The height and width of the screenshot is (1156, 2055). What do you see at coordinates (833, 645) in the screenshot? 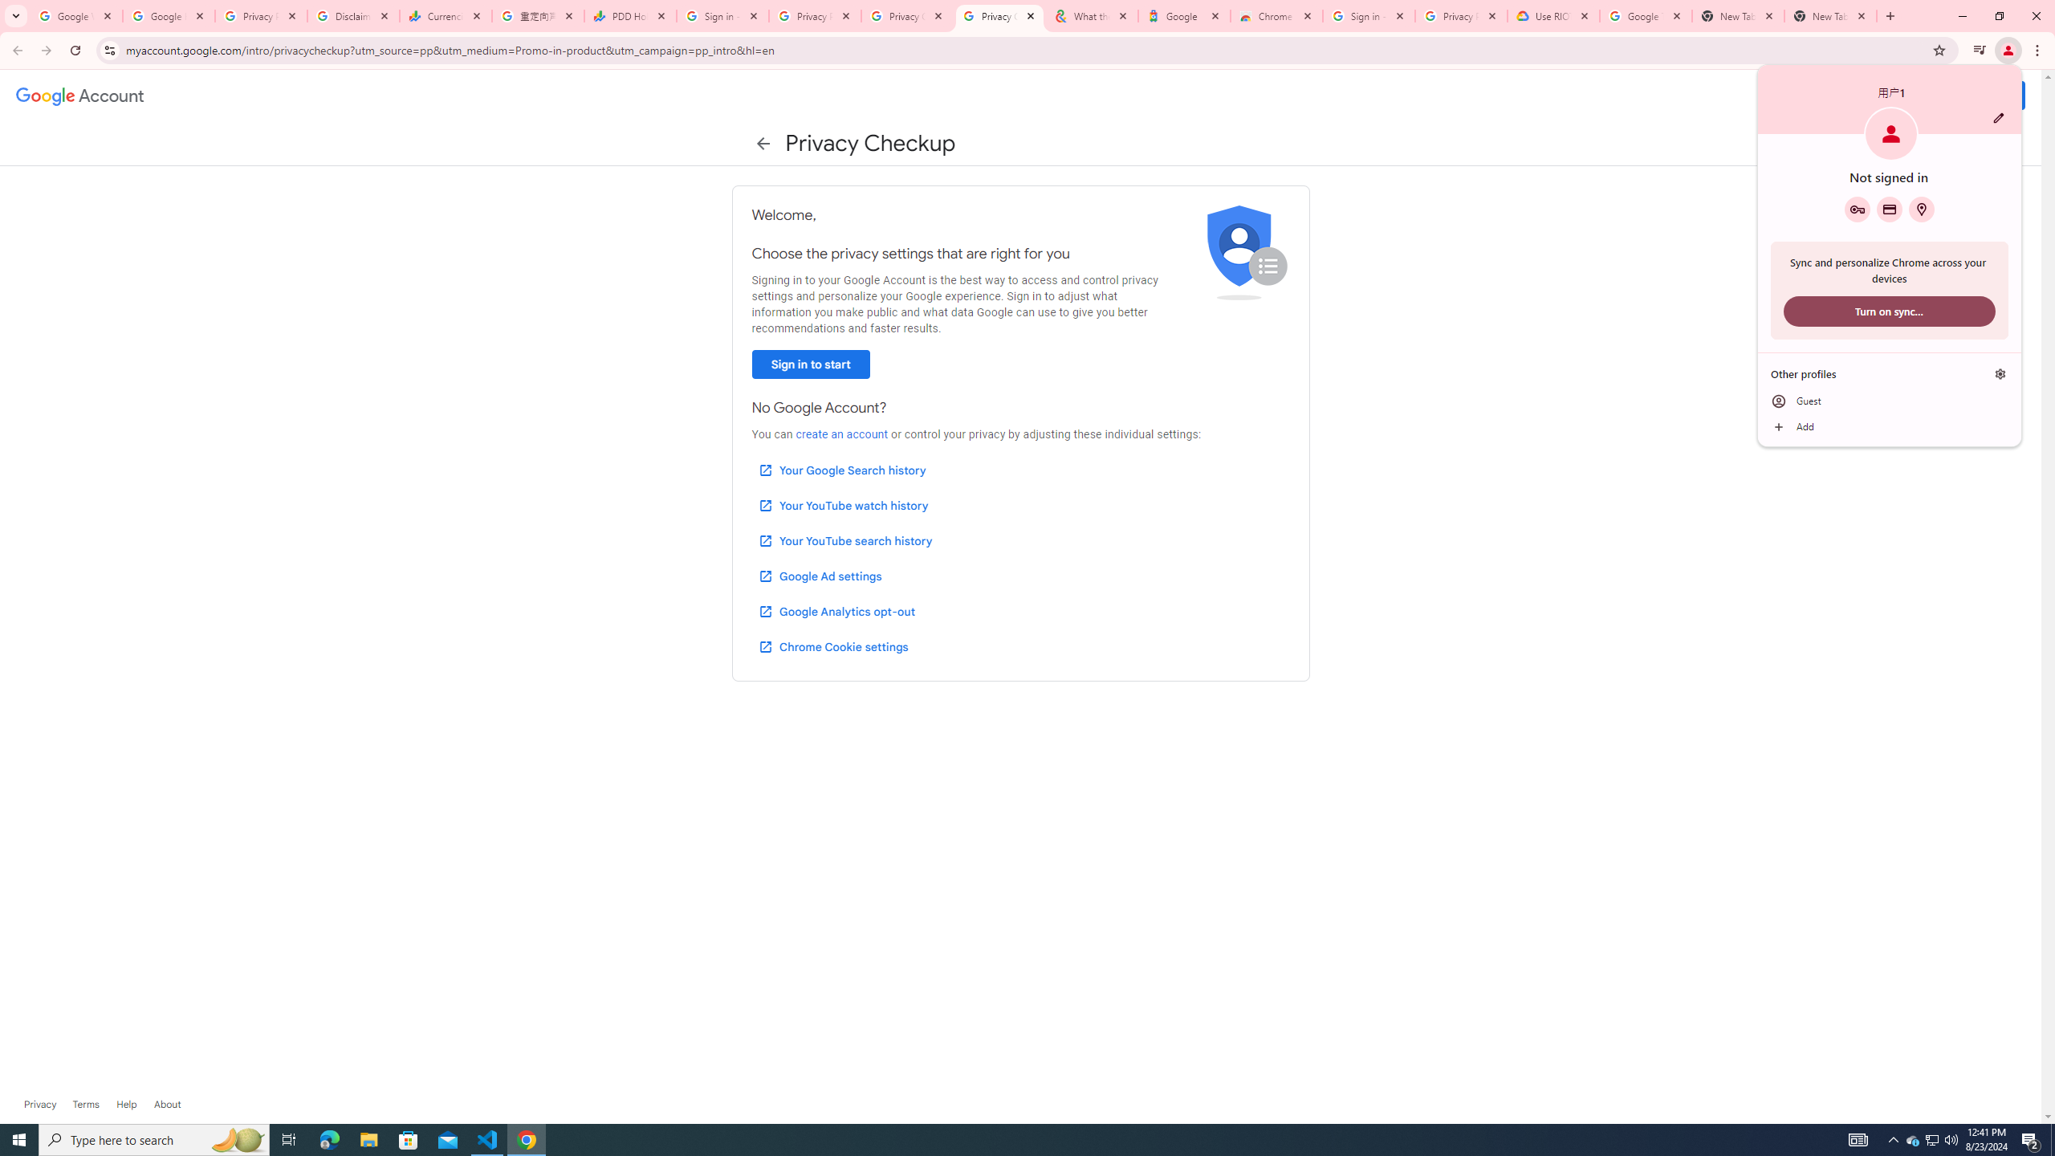
I see `'Chrome Cookie settings'` at bounding box center [833, 645].